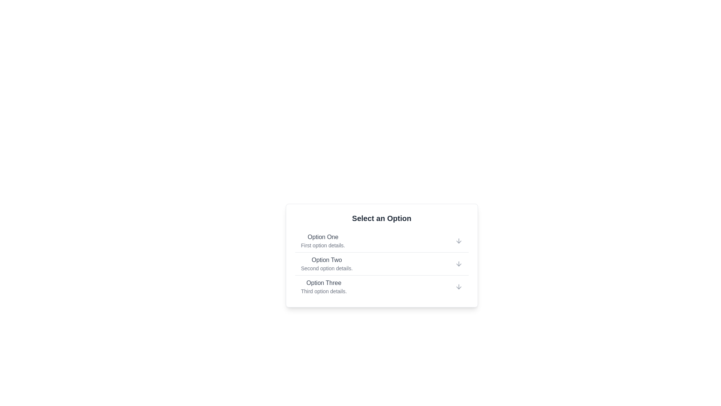 The height and width of the screenshot is (406, 721). What do you see at coordinates (324, 283) in the screenshot?
I see `the text label 'Option Three' which is styled in gray and located within the menu options structure, positioned below 'Option Two'` at bounding box center [324, 283].